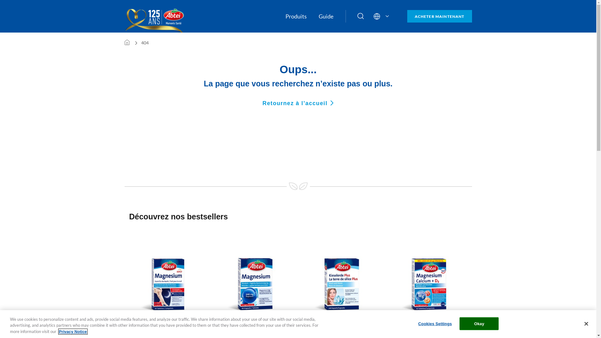 Image resolution: width=601 pixels, height=338 pixels. I want to click on 'Guide', so click(326, 15).